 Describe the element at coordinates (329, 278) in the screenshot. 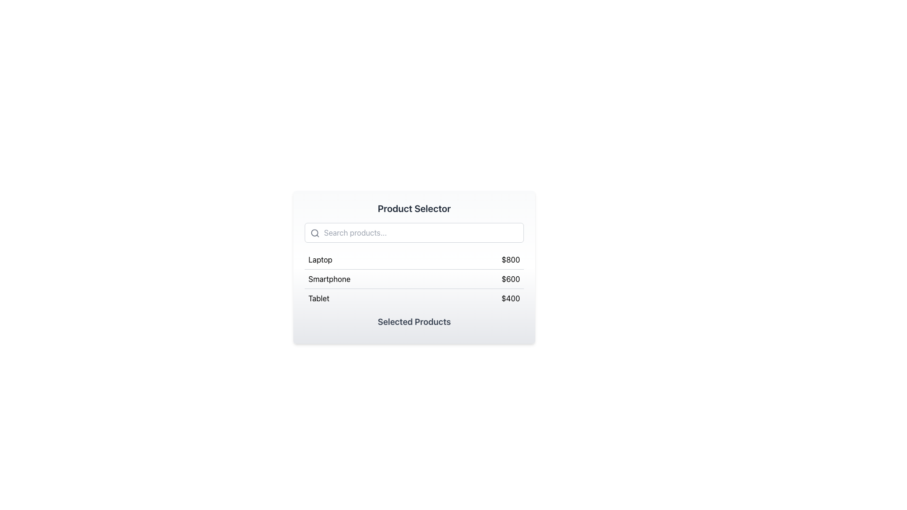

I see `the label that represents an item category in the second row of a vertically arranged list, located on the left side of the corresponding price label ('$600')` at that location.